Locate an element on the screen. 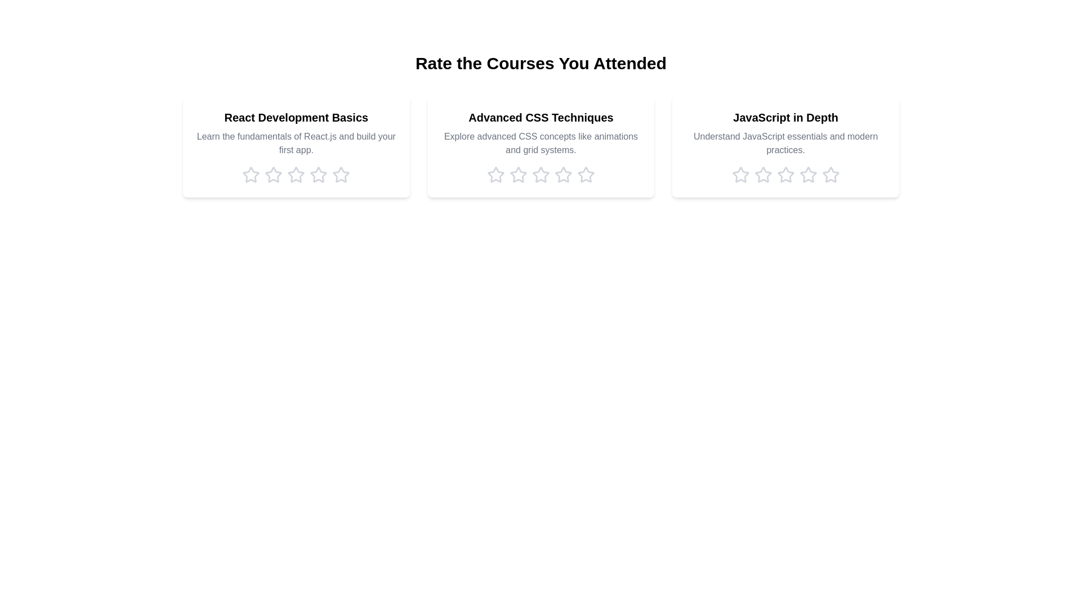 This screenshot has width=1081, height=608. the rating for the course 'JavaScript in Depth' to 4 stars is located at coordinates (807, 175).